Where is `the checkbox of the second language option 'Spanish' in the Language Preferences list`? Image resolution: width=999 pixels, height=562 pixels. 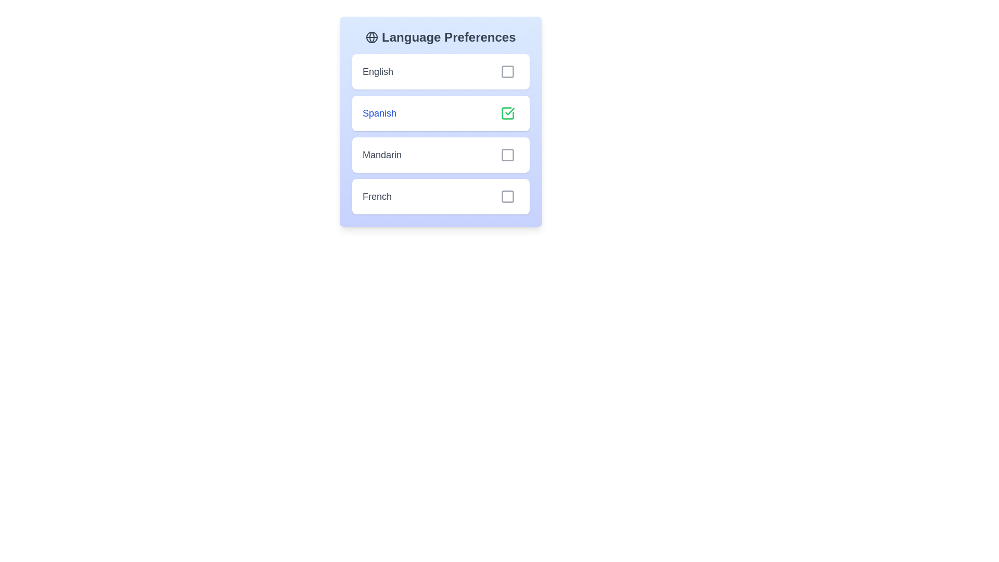 the checkbox of the second language option 'Spanish' in the Language Preferences list is located at coordinates (441, 121).